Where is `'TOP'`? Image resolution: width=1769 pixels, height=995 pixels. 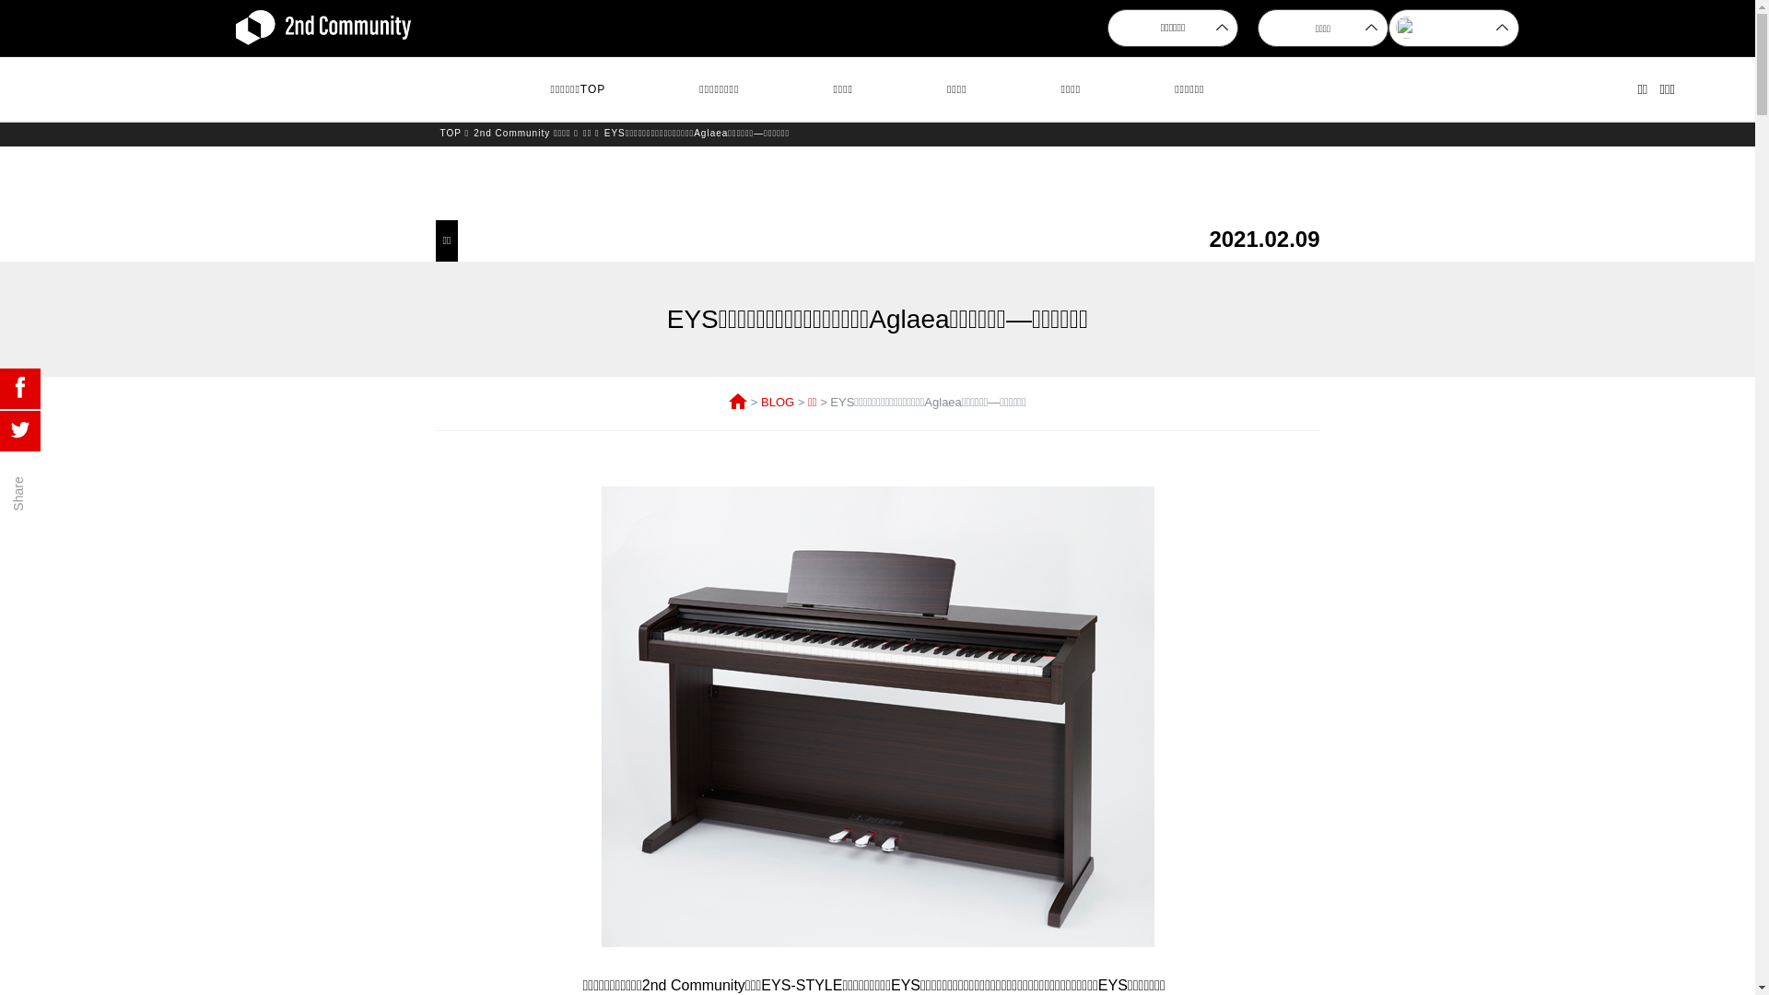 'TOP' is located at coordinates (451, 132).